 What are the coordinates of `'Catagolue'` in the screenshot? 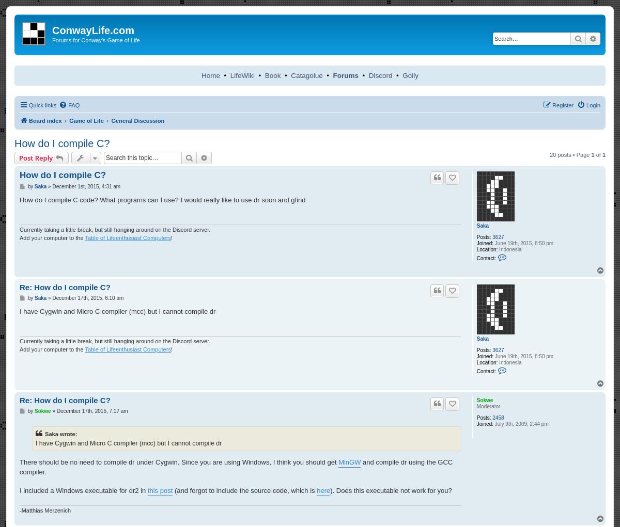 It's located at (306, 75).